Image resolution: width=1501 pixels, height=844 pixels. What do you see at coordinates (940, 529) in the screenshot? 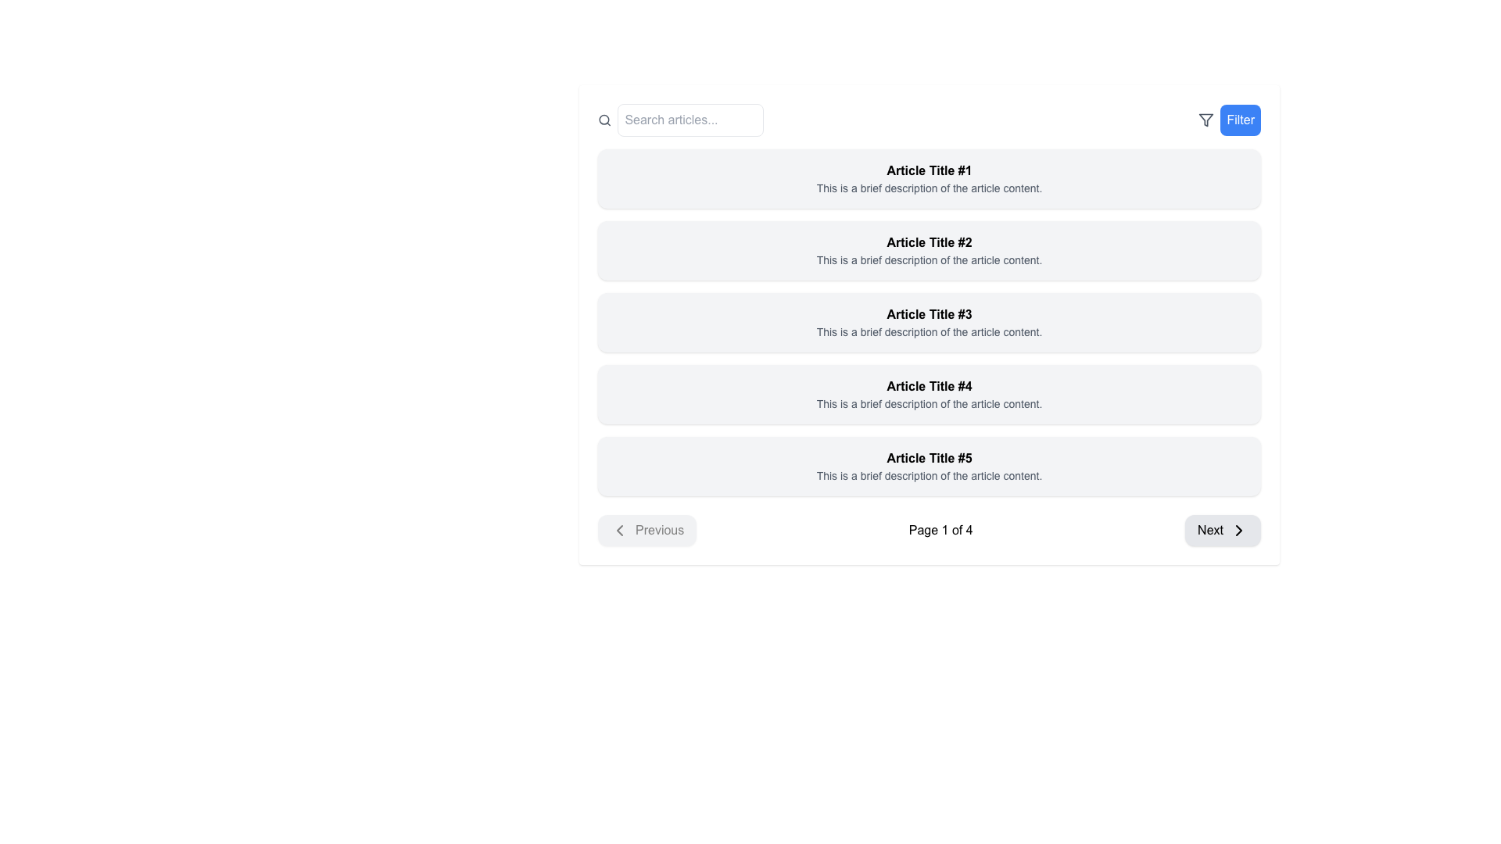
I see `text displayed in the Text Label that shows 'Page 1 of 4', which is centrally located in the navigation bar at the bottom of the interface` at bounding box center [940, 529].